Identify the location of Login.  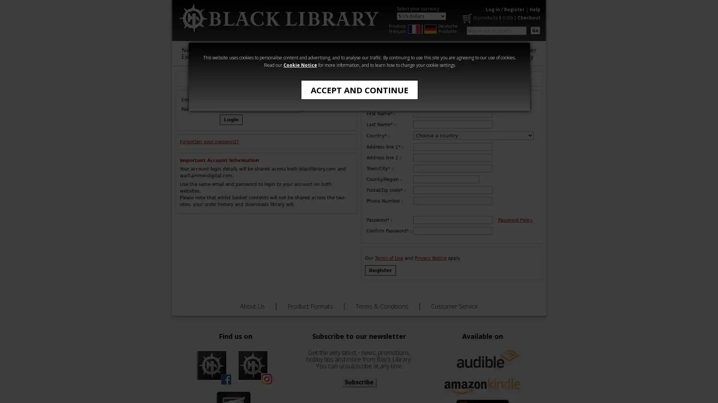
(231, 119).